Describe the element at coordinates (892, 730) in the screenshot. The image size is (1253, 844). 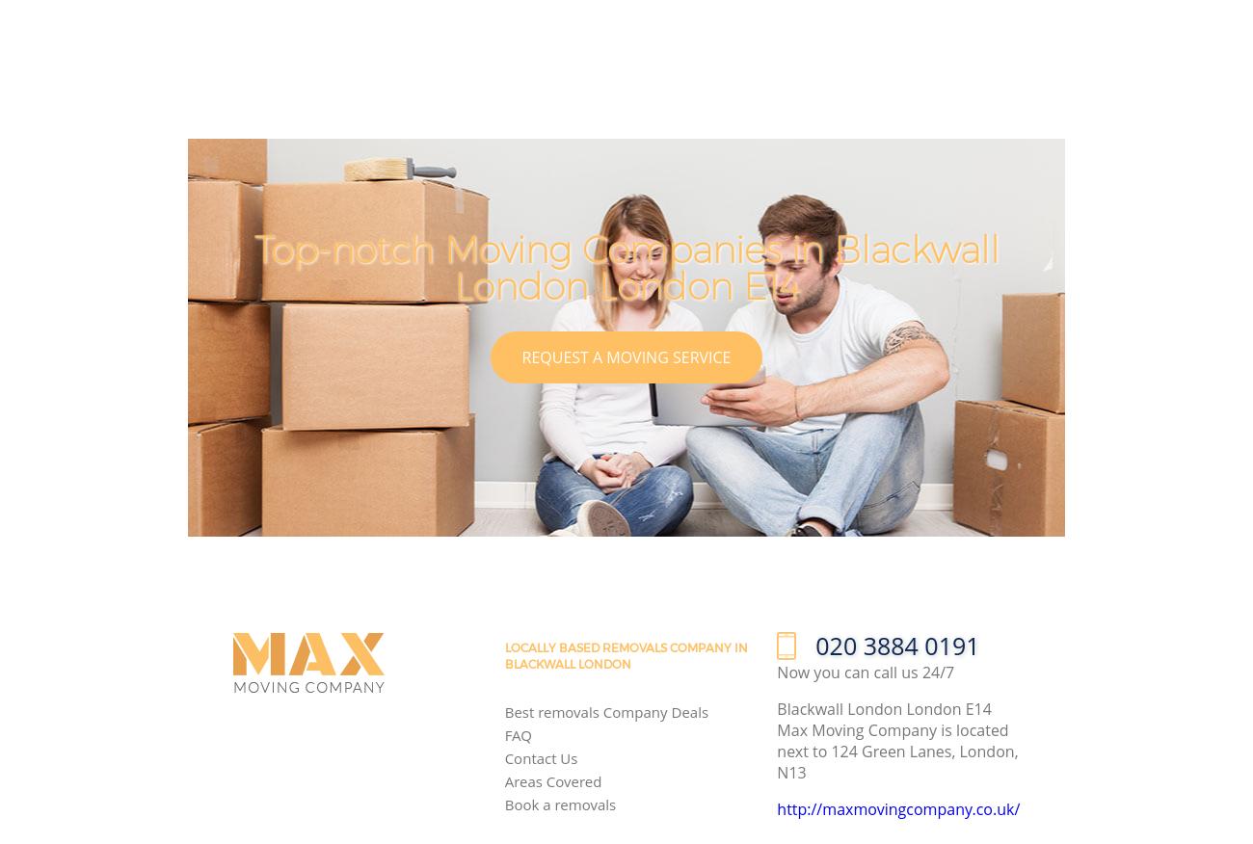
I see `'Blackwall London London E14 Max Moving Company is located next to'` at that location.